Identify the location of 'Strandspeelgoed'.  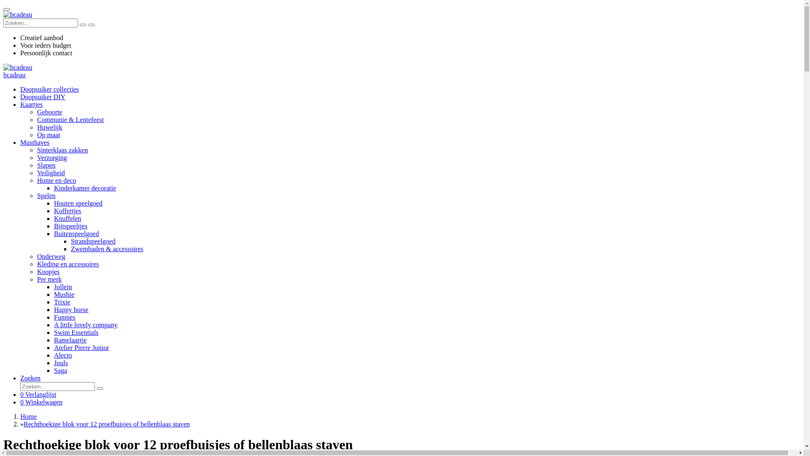
(93, 241).